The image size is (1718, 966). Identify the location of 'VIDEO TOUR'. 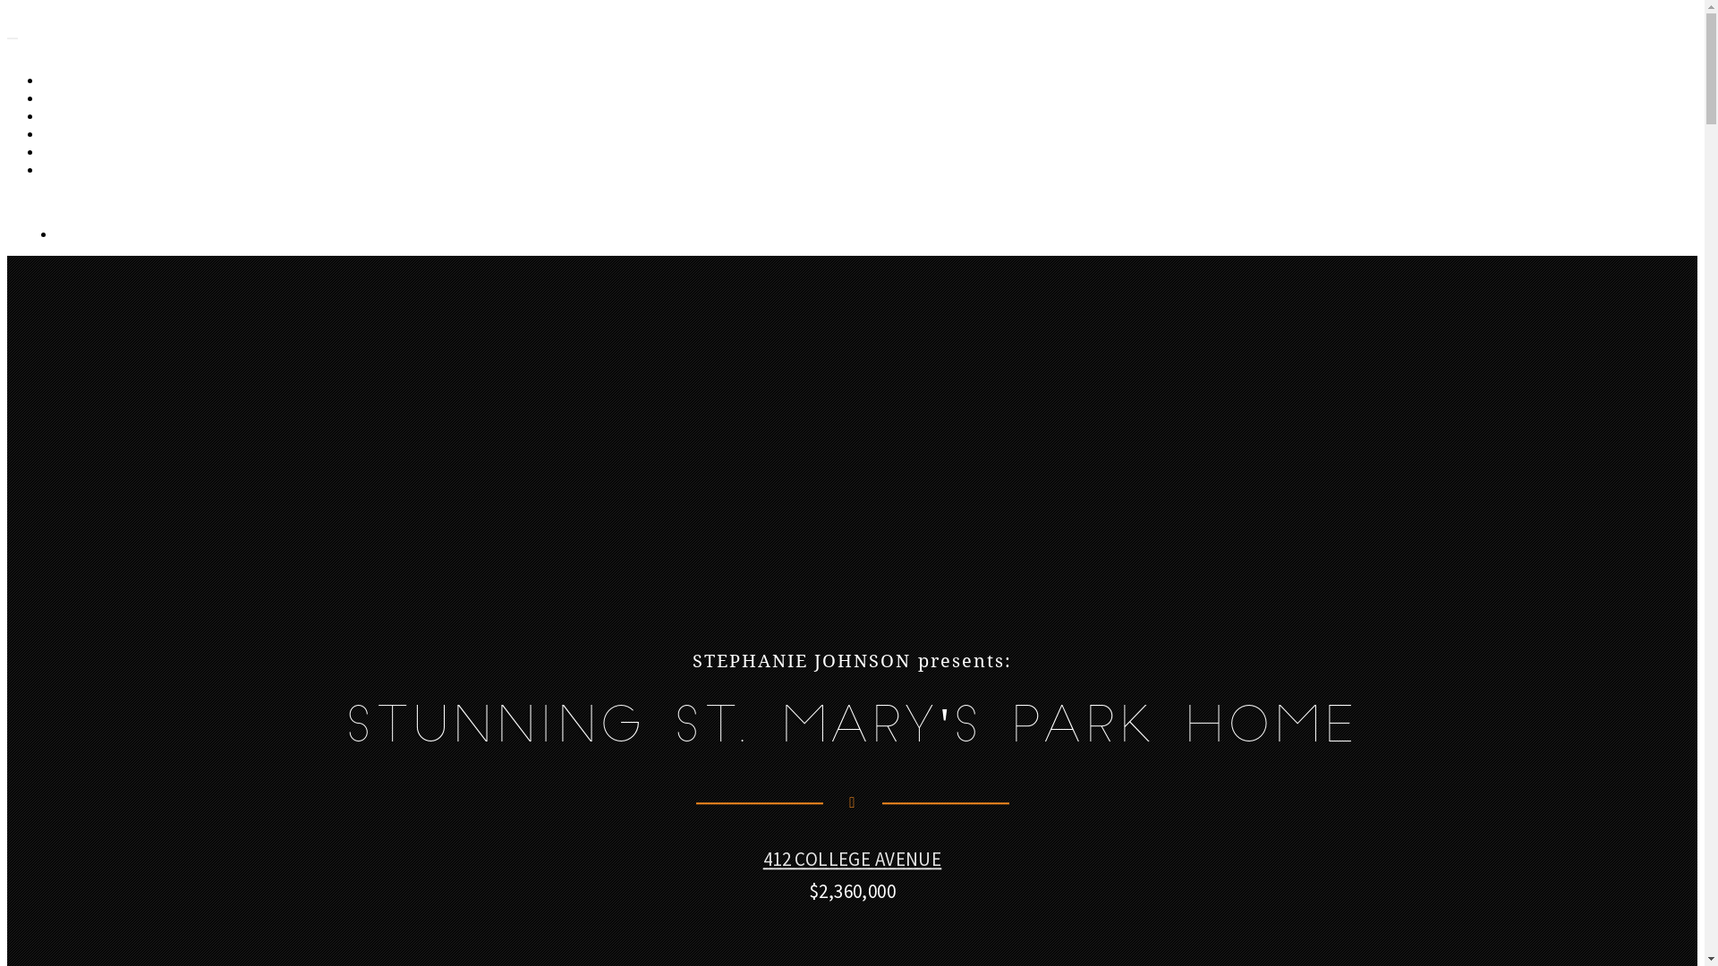
(89, 98).